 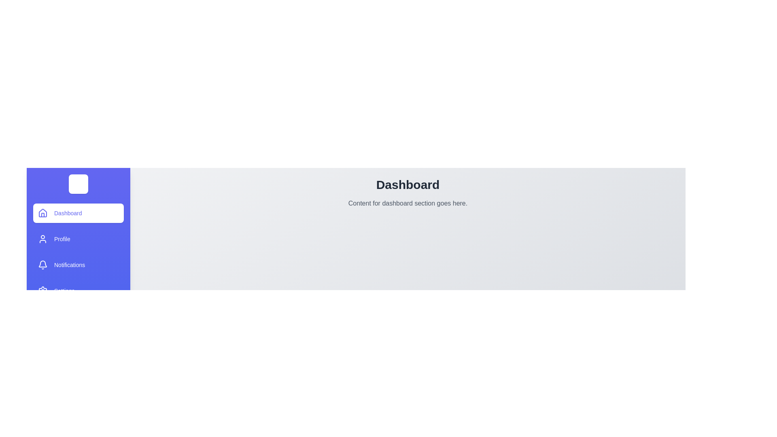 I want to click on the drawer item labeled Profile to view its hover effect, so click(x=78, y=238).